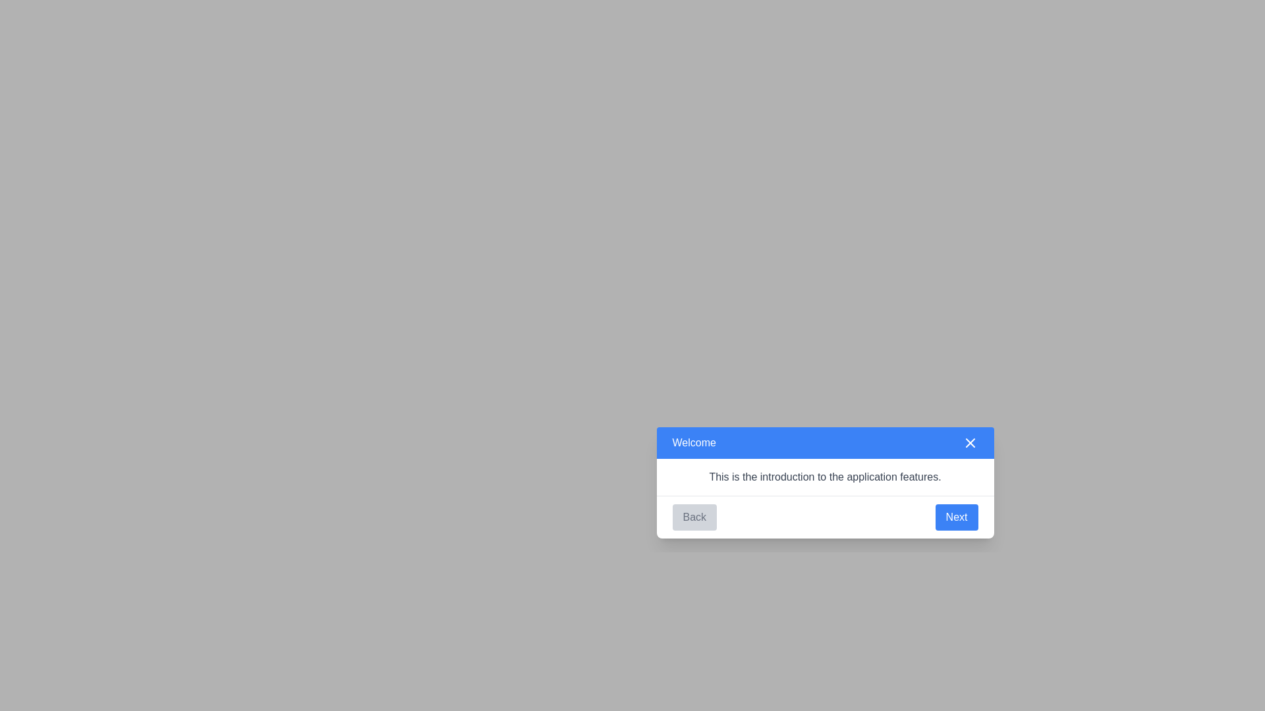 This screenshot has height=711, width=1265. I want to click on the 'Welcome' text label, which is styled in white font on a blue rectangular background, located at the top of the dialog box, so click(693, 442).